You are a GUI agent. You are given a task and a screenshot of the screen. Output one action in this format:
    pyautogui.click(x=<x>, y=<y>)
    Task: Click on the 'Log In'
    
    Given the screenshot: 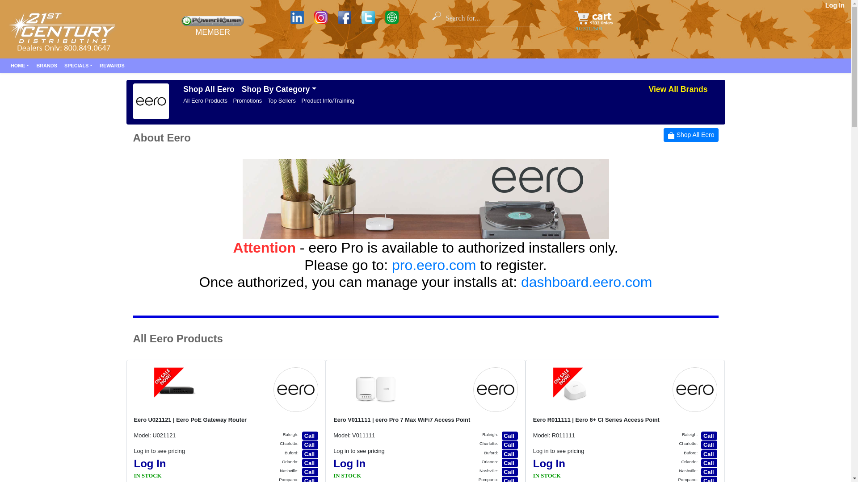 What is the action you would take?
    pyautogui.click(x=150, y=463)
    